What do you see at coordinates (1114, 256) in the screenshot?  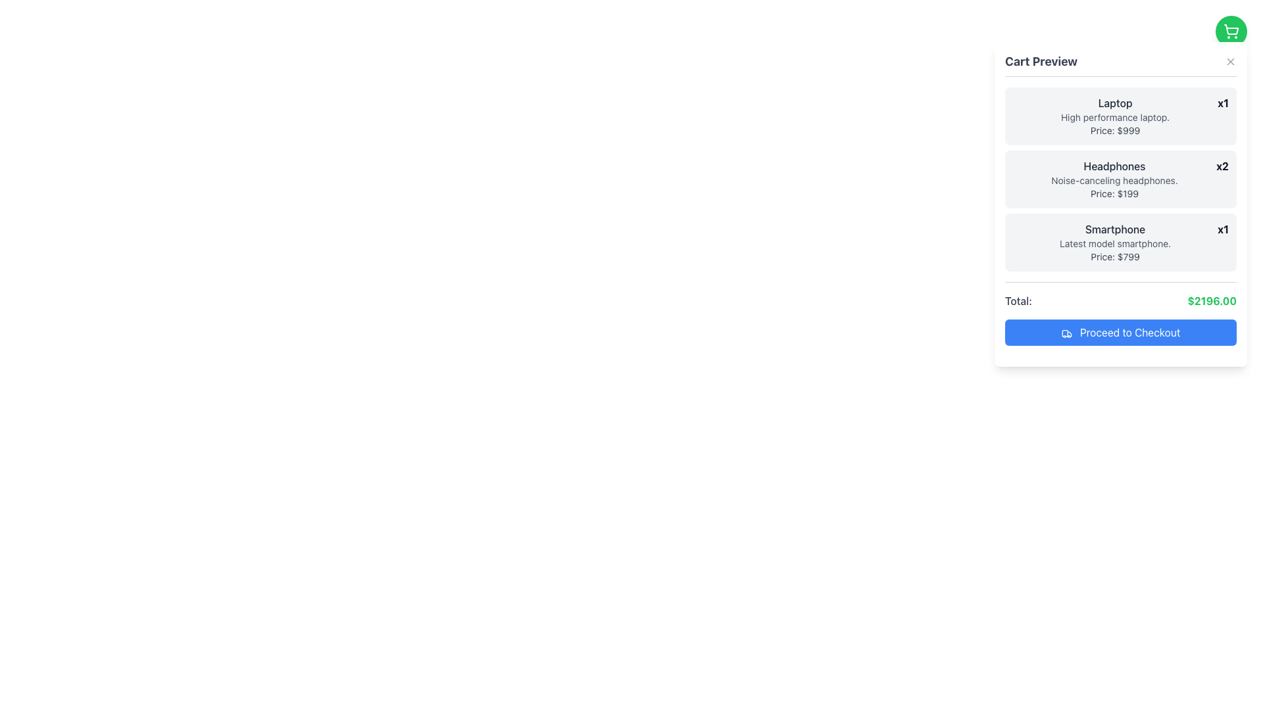 I see `the text label displaying 'Price: $799' located in the 'Cart Preview' section beneath the smartphone description` at bounding box center [1114, 256].